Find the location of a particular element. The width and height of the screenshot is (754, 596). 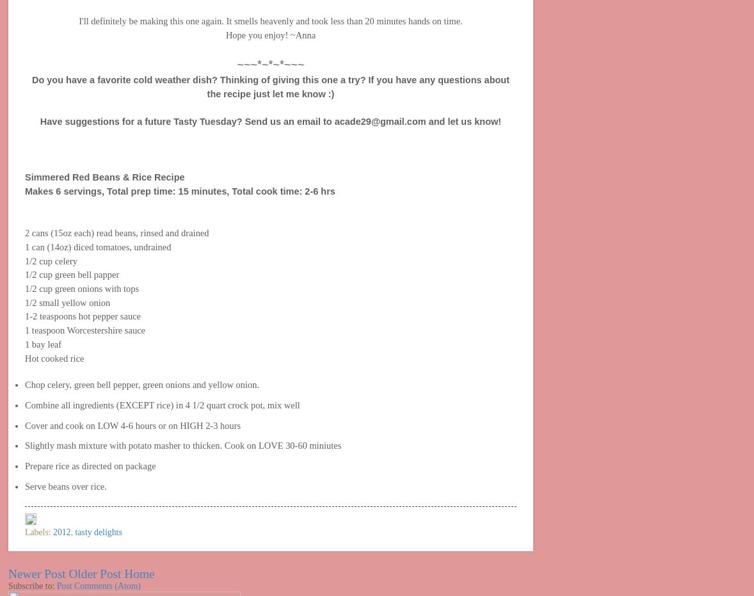

'2 cans (15oz each) read beans, rinsed and drained' is located at coordinates (116, 233).